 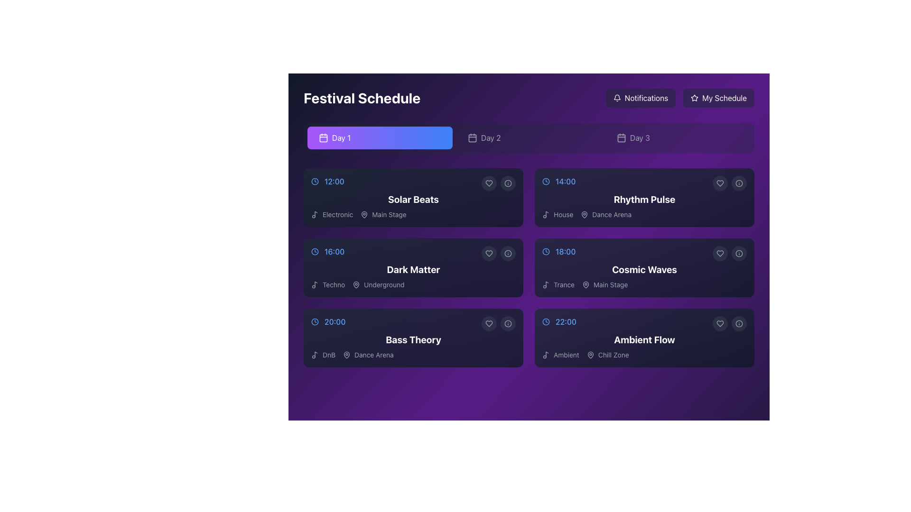 I want to click on the label indicator for the 'Dance Arena' event, which is located immediately after the text 'House' in the second column, second row of the grid structure, so click(x=605, y=214).